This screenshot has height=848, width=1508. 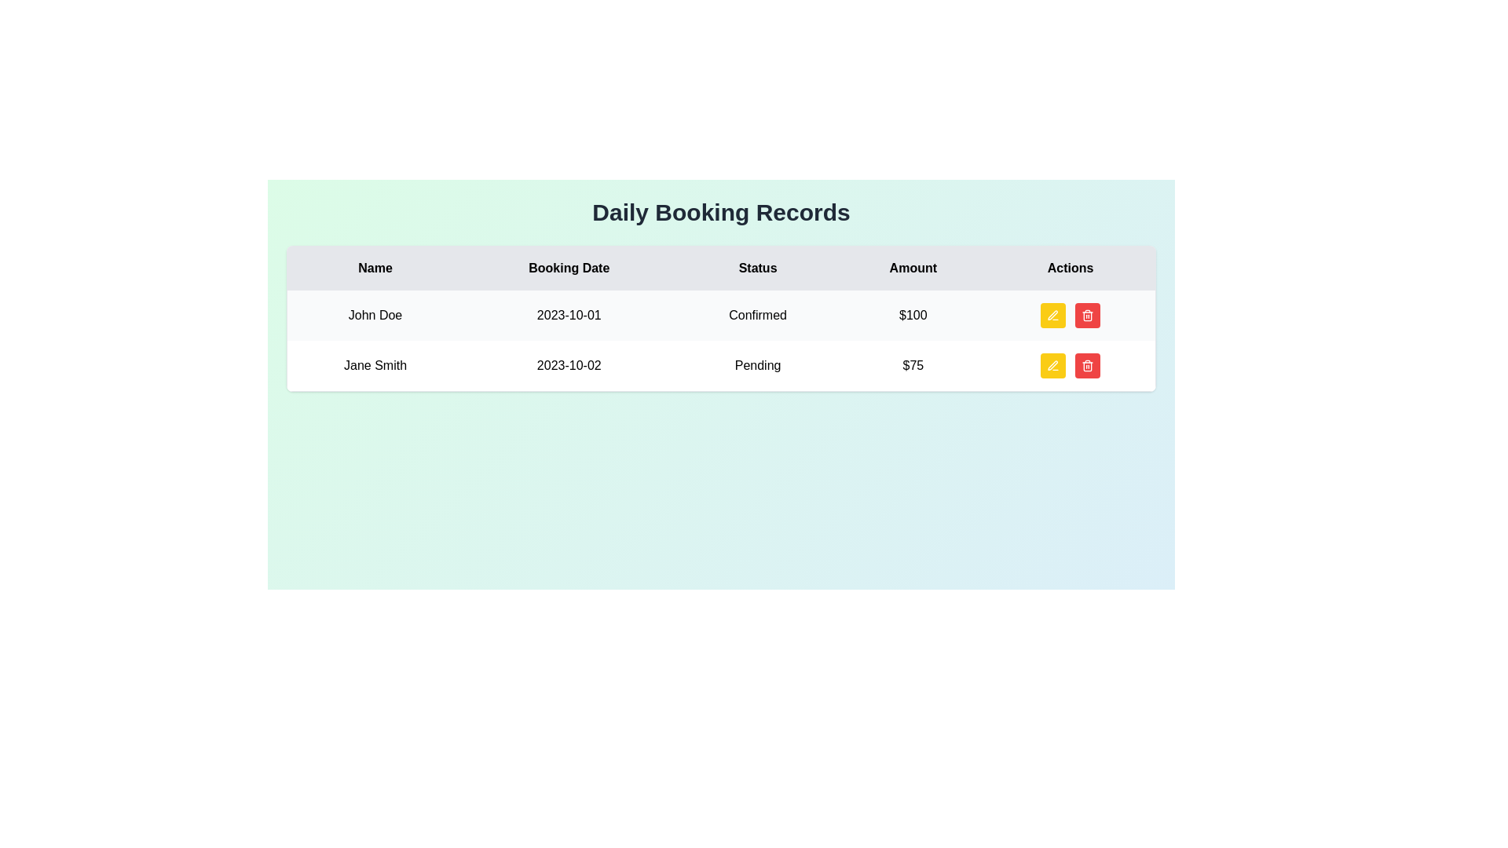 What do you see at coordinates (913, 366) in the screenshot?
I see `the Text label displaying the monetary amount in the 'Amount' column of the second row under the 'Daily Booking Records' section` at bounding box center [913, 366].